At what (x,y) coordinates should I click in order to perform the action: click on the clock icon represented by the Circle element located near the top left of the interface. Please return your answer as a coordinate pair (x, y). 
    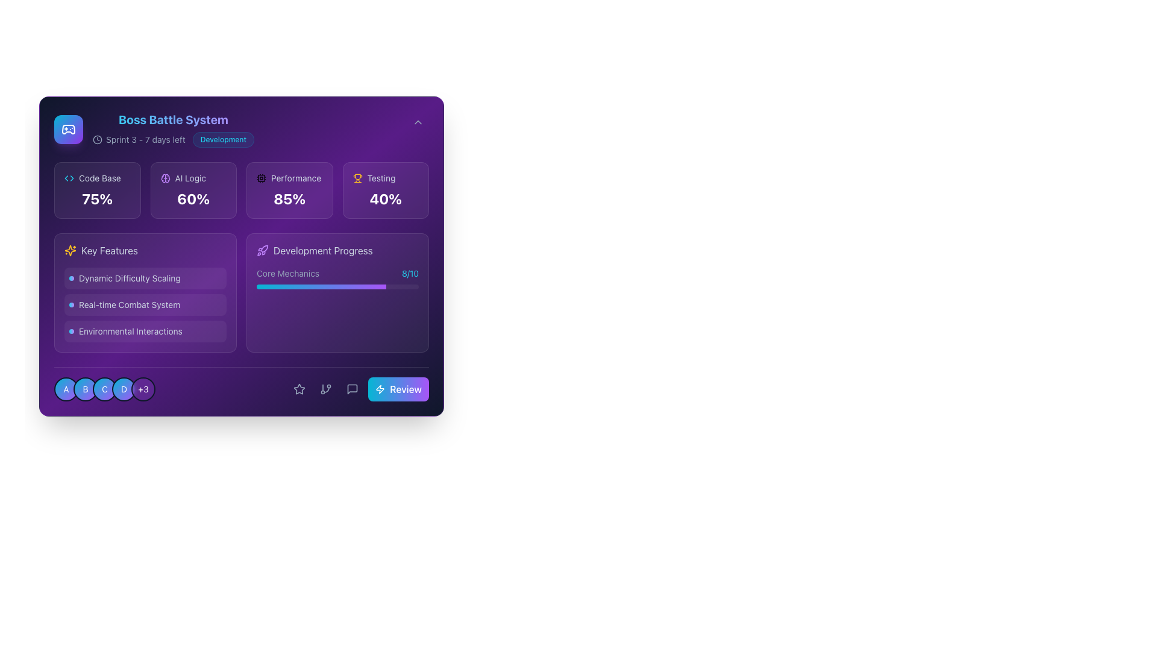
    Looking at the image, I should click on (98, 139).